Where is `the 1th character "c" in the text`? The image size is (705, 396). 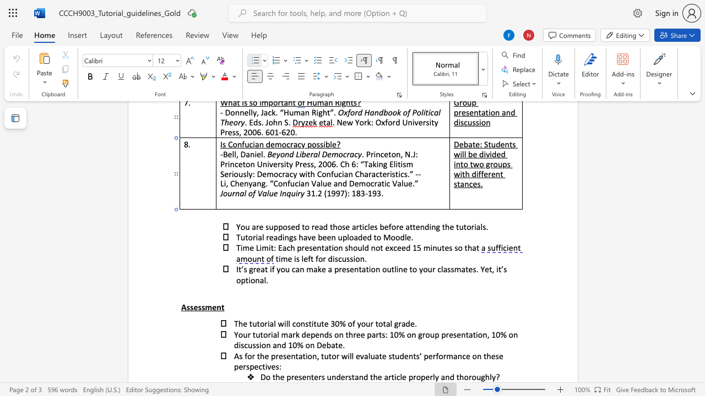
the 1th character "c" in the text is located at coordinates (398, 376).